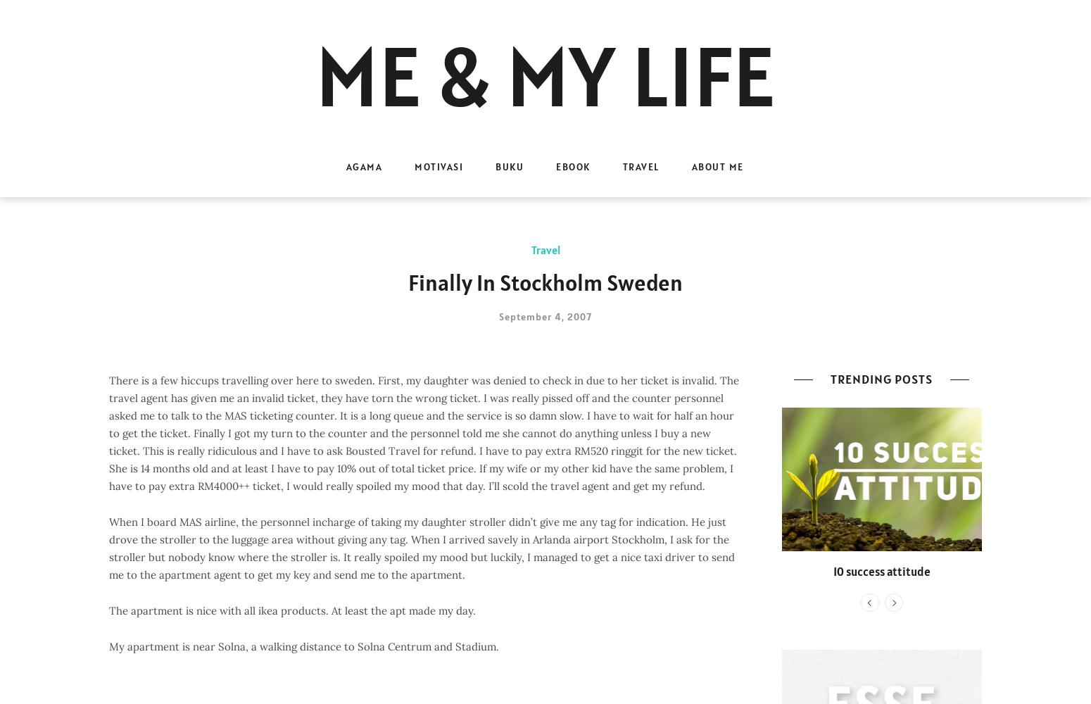 The image size is (1091, 704). I want to click on 'The apartment is nice with all ikea products. At least the apt made my day.', so click(109, 609).